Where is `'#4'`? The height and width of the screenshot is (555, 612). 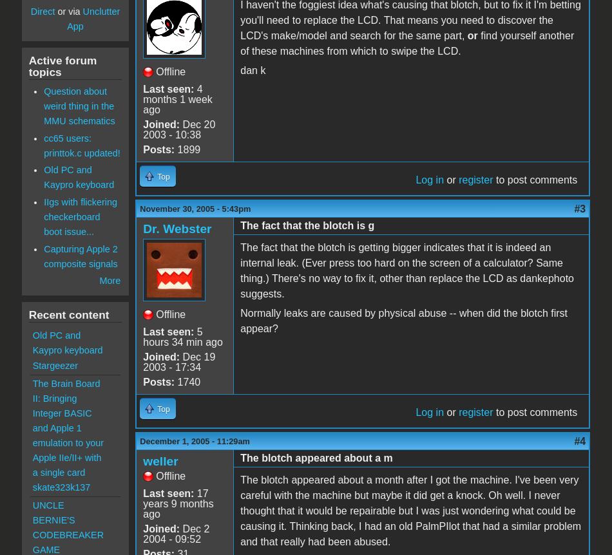
'#4' is located at coordinates (573, 440).